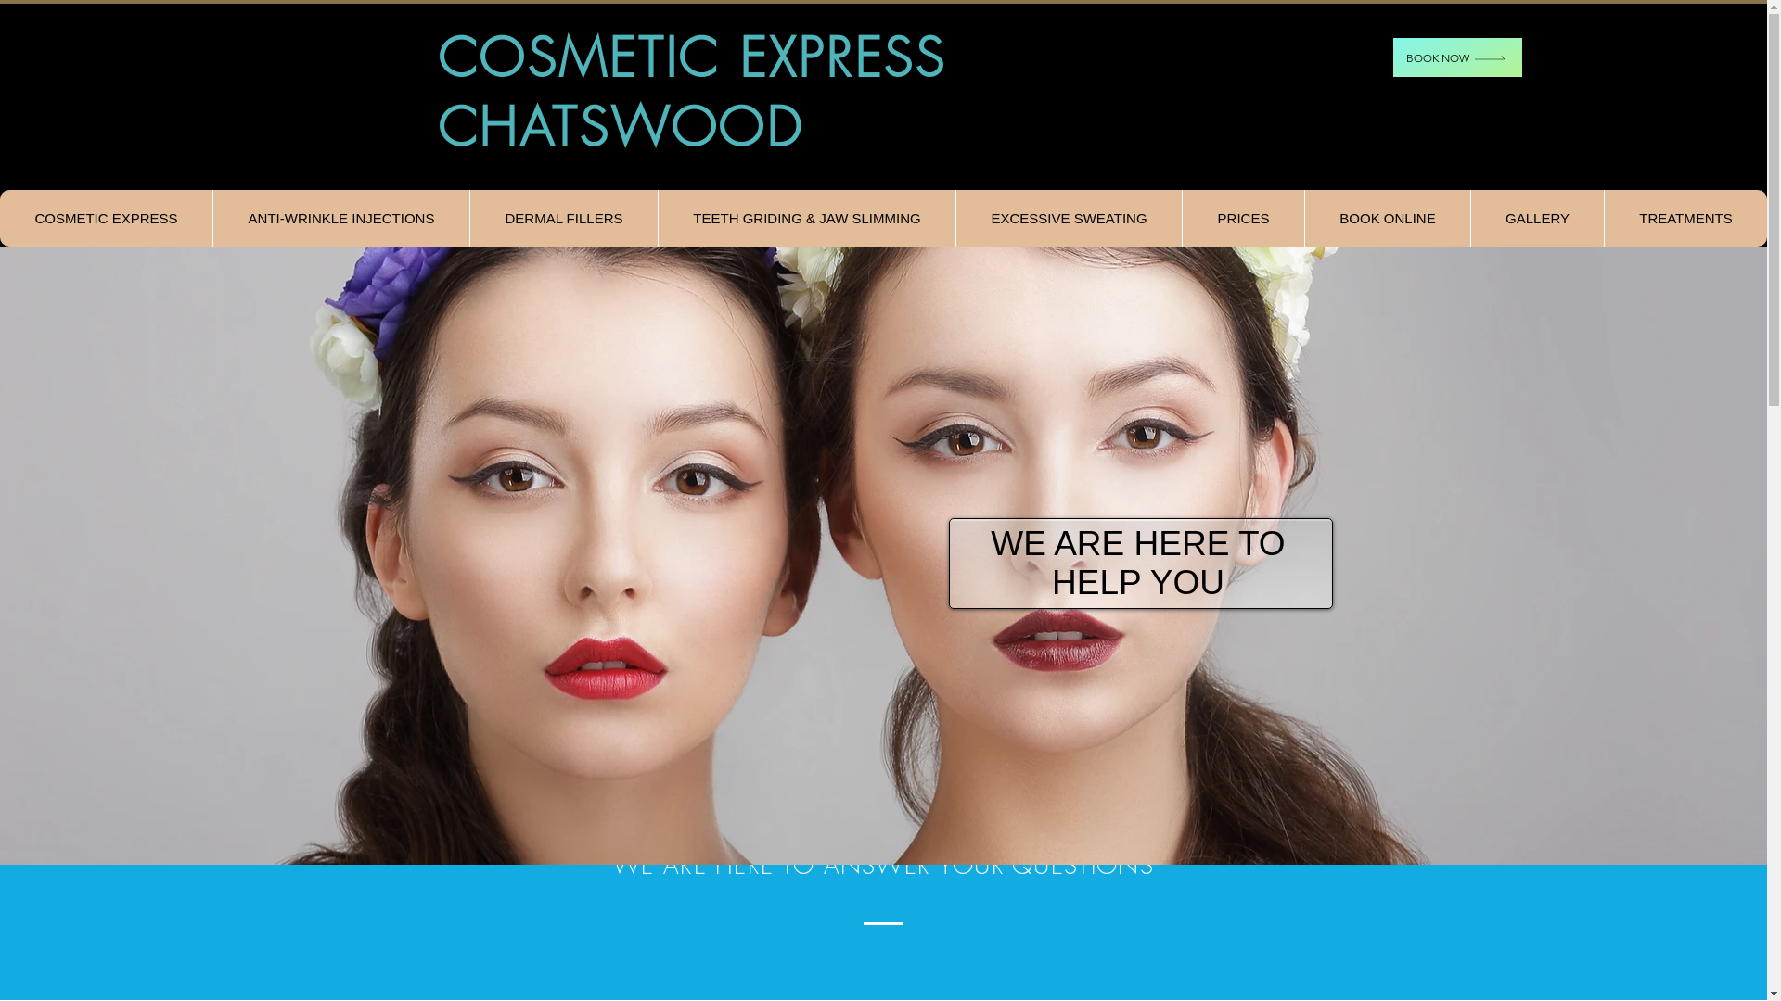 This screenshot has height=1001, width=1781. What do you see at coordinates (105, 217) in the screenshot?
I see `'COSMETIC EXPRESS'` at bounding box center [105, 217].